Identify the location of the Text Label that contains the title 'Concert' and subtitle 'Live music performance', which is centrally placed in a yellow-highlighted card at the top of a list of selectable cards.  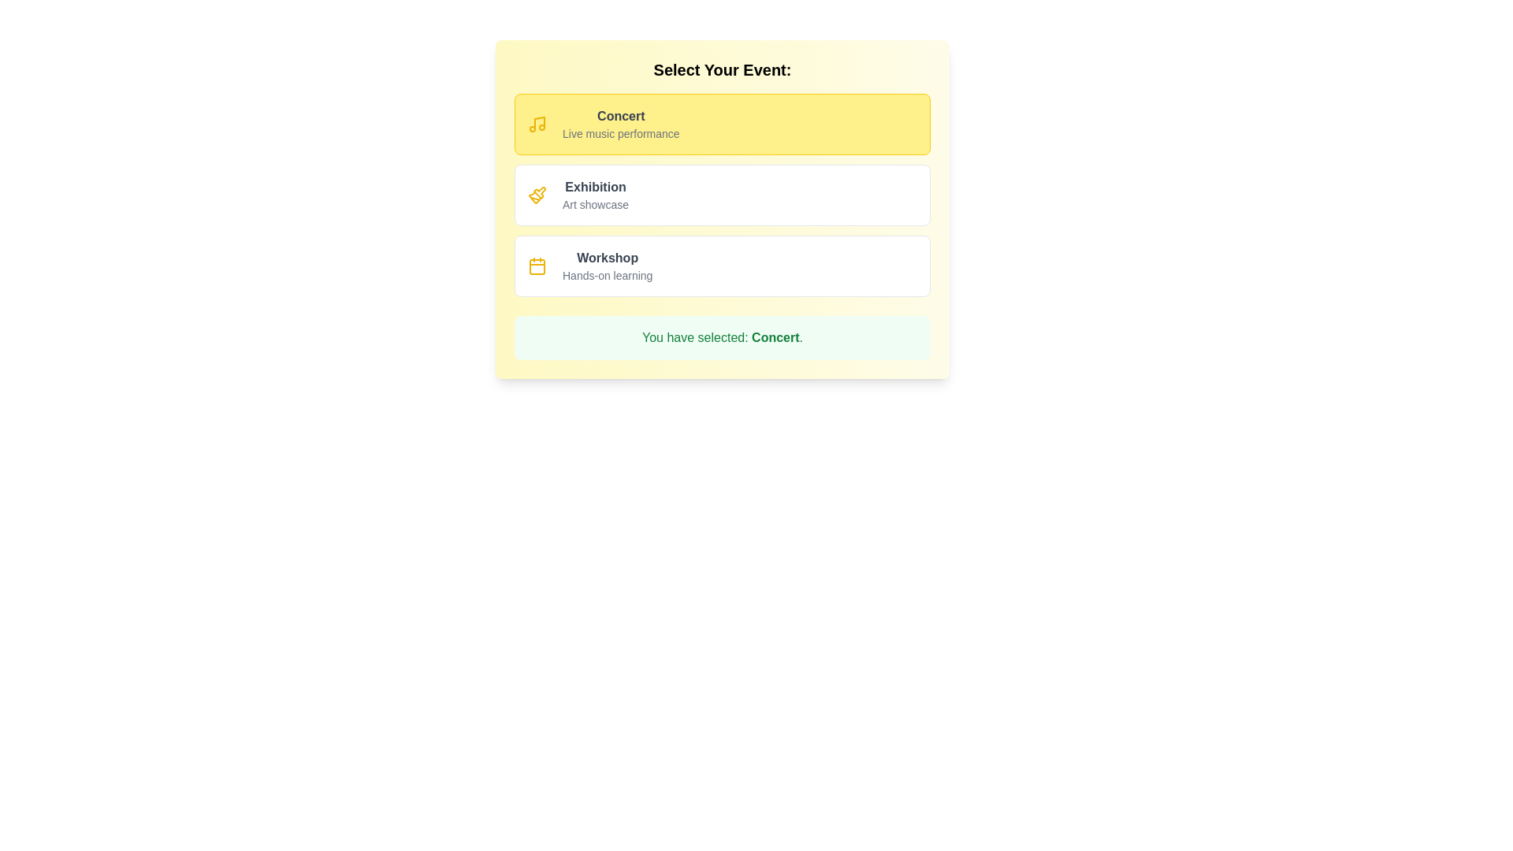
(620, 124).